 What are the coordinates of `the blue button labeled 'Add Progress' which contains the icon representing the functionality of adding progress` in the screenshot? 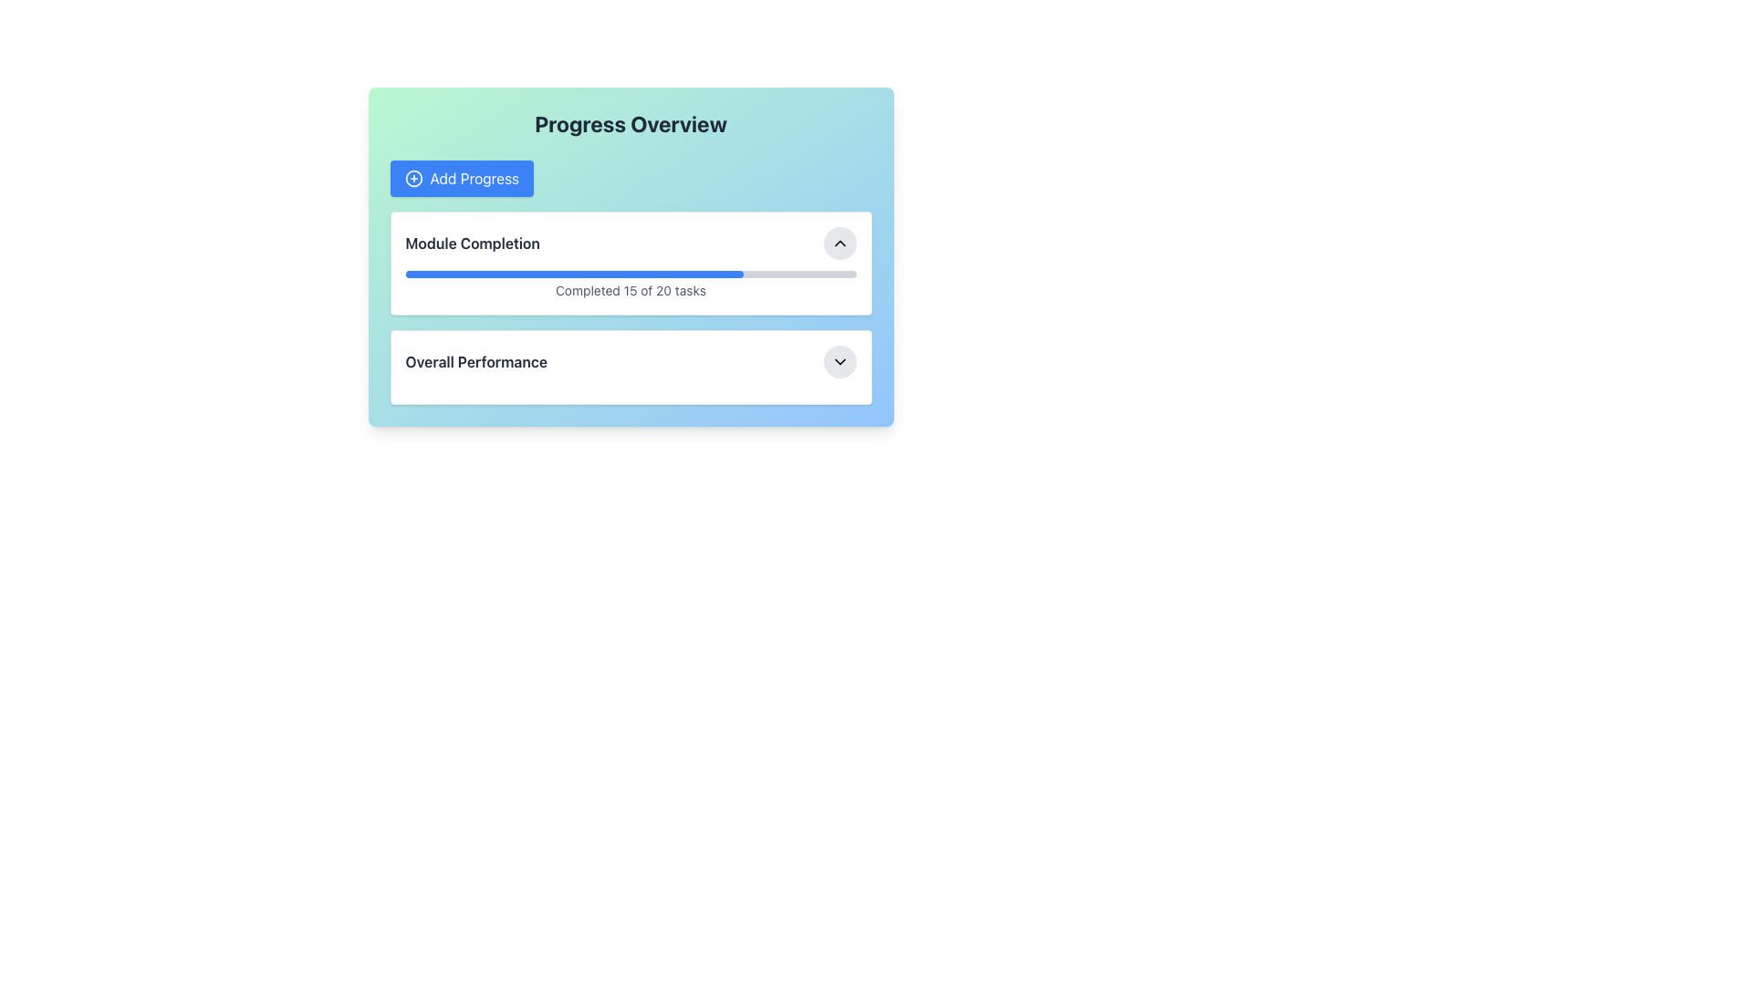 It's located at (412, 179).